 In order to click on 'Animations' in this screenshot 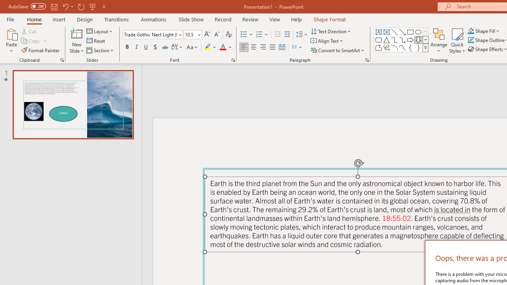, I will do `click(154, 19)`.